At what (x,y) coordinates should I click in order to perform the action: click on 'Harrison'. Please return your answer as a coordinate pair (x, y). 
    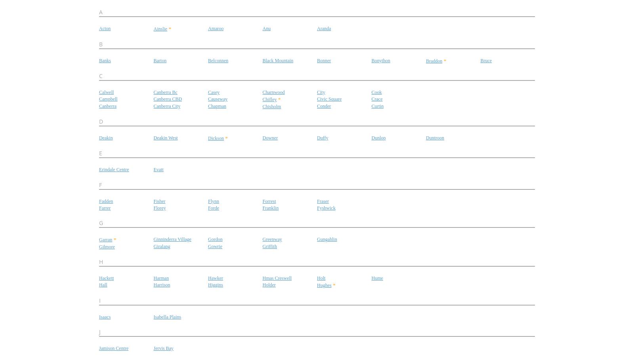
    Looking at the image, I should click on (161, 285).